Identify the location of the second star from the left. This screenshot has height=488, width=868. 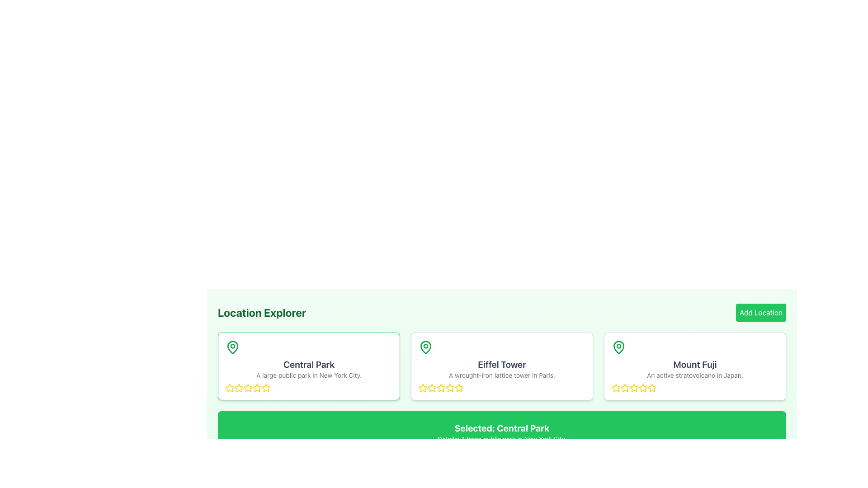
(431, 387).